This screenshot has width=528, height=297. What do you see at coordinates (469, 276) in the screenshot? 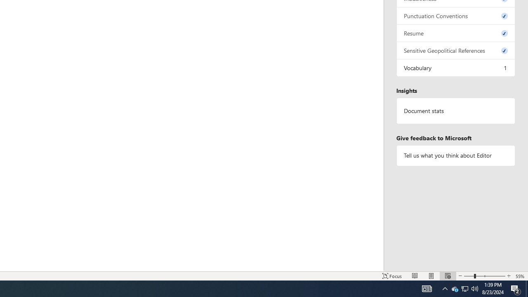
I see `'Zoom Out'` at bounding box center [469, 276].